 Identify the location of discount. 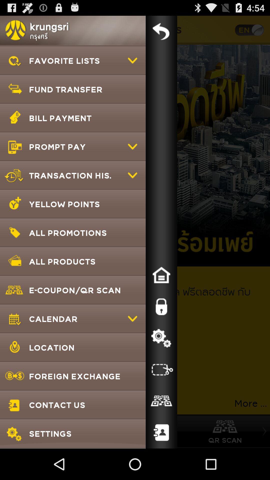
(161, 401).